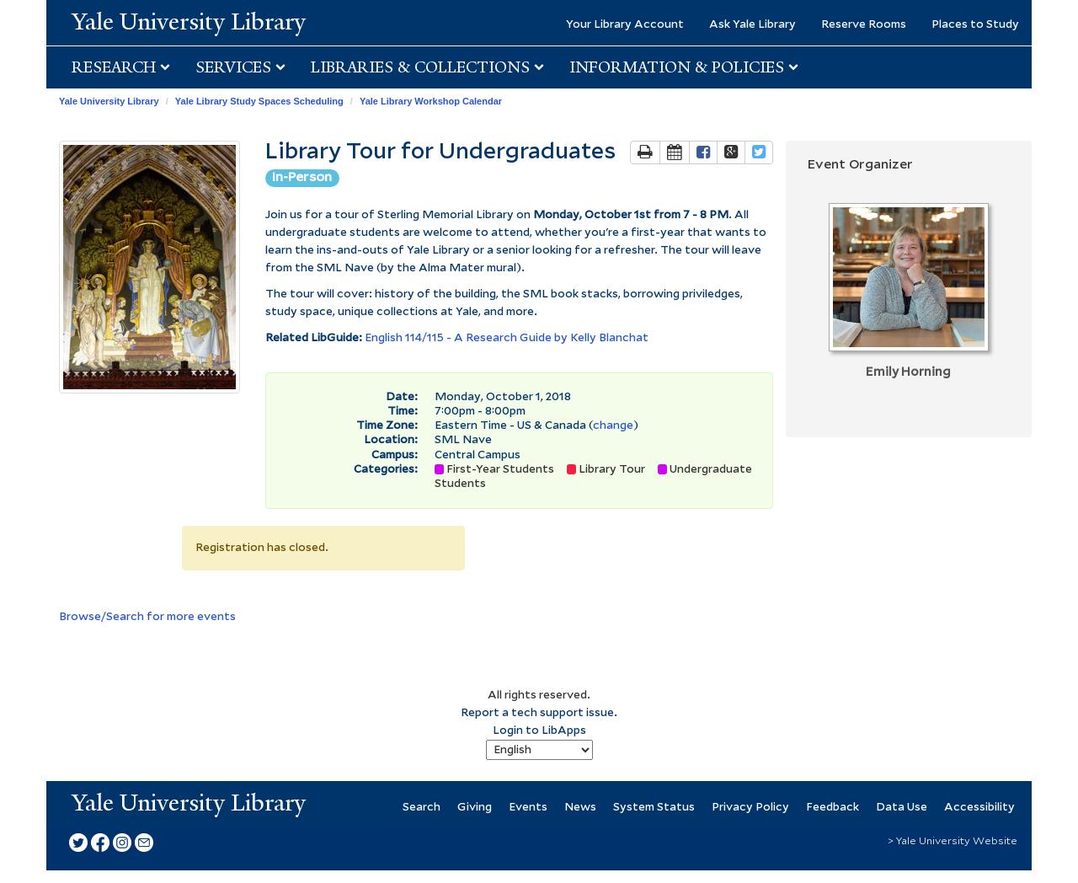 Image resolution: width=1078 pixels, height=883 pixels. I want to click on 'SML Nave', so click(463, 440).